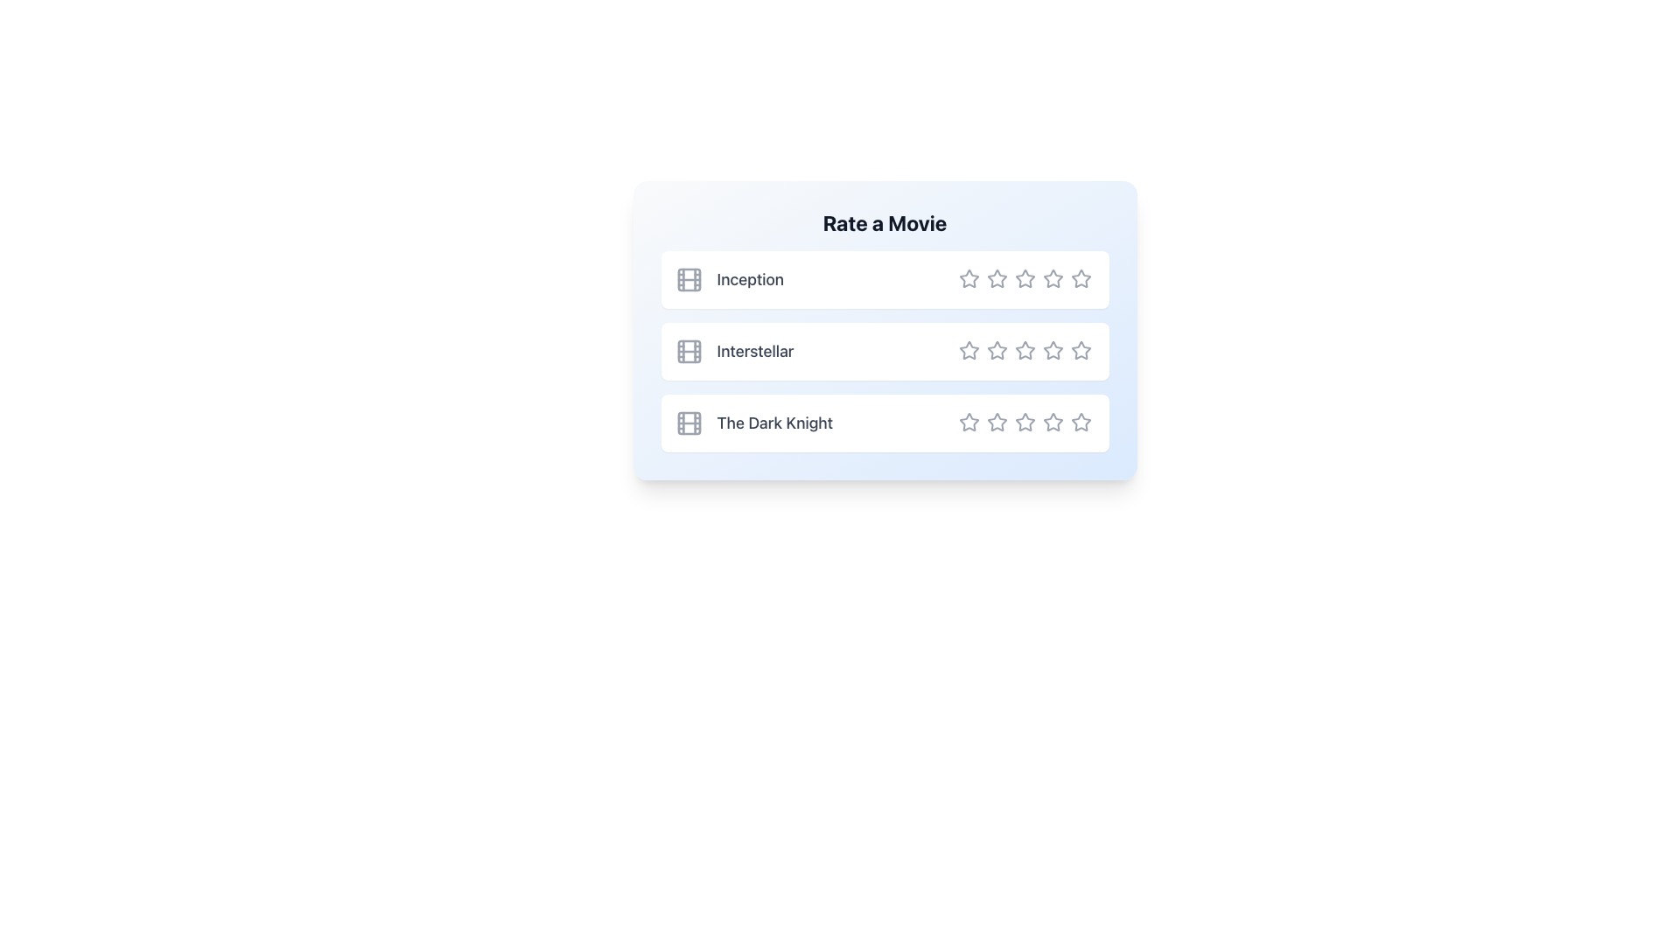 Image resolution: width=1680 pixels, height=945 pixels. What do you see at coordinates (1080, 422) in the screenshot?
I see `the fifth star-shaped icon, which is gray with a slight border, to rate the movie 'The Dark Knight'` at bounding box center [1080, 422].